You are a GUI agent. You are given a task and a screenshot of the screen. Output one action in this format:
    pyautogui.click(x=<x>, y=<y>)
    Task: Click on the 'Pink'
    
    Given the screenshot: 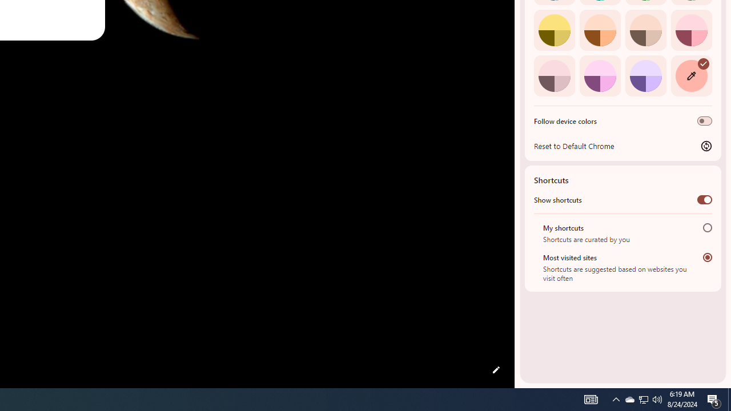 What is the action you would take?
    pyautogui.click(x=554, y=75)
    